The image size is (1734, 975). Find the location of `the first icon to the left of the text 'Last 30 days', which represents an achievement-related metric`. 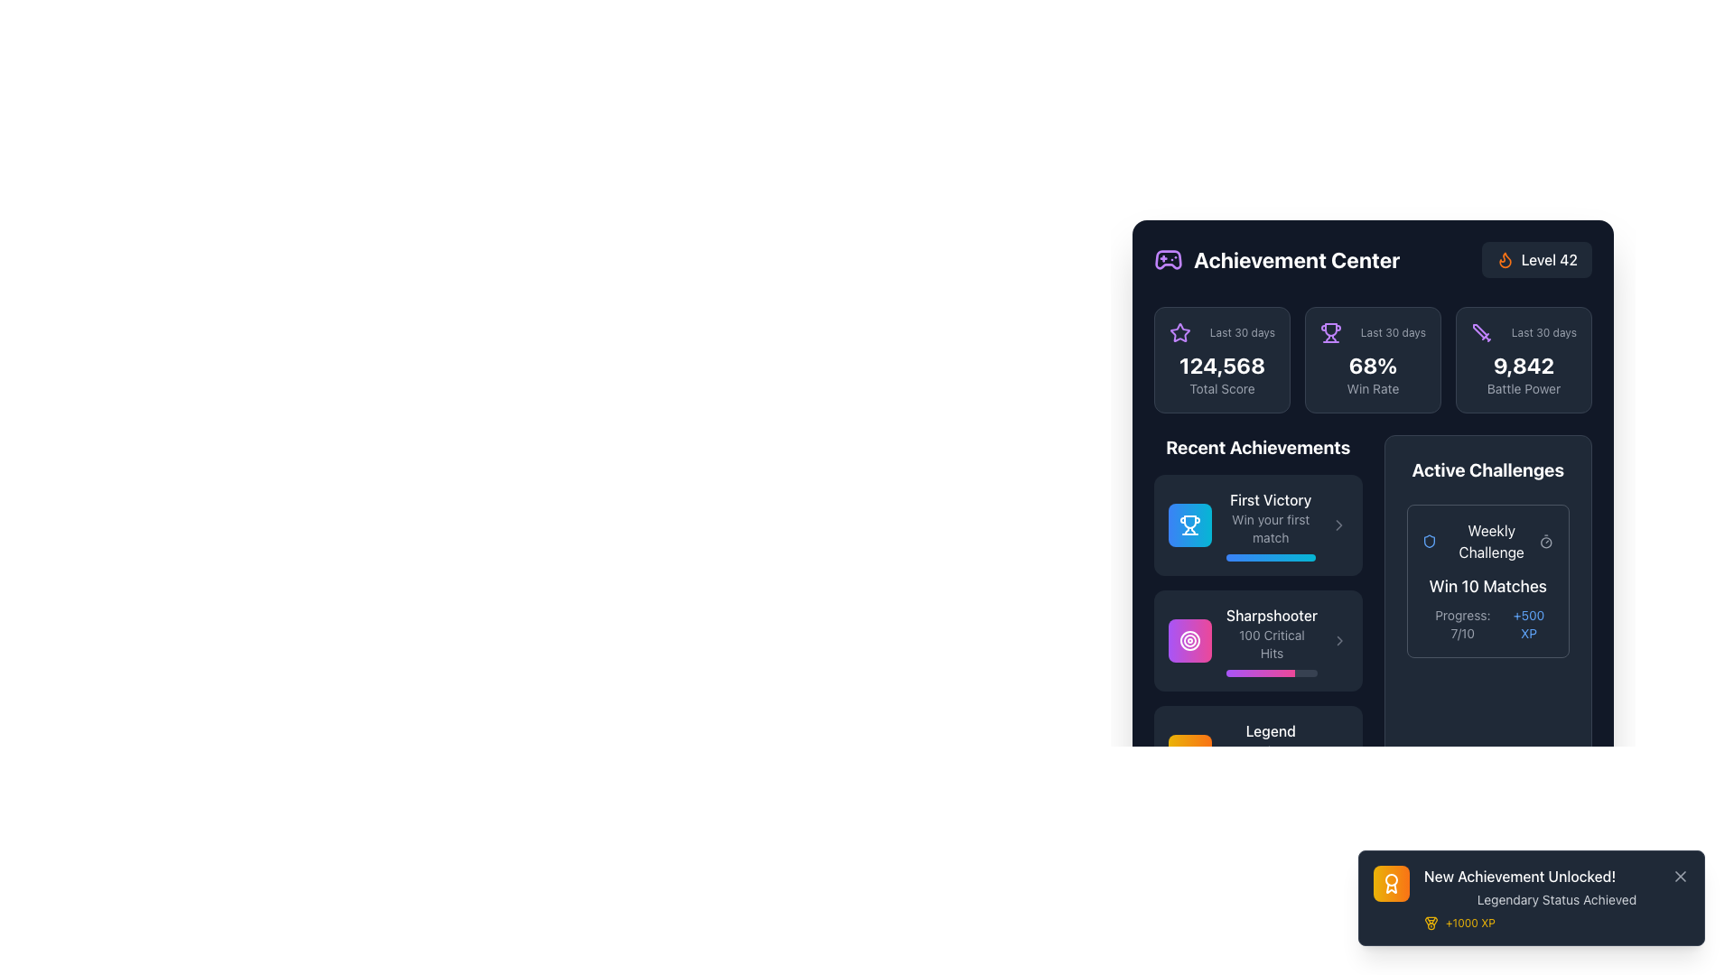

the first icon to the left of the text 'Last 30 days', which represents an achievement-related metric is located at coordinates (1330, 333).